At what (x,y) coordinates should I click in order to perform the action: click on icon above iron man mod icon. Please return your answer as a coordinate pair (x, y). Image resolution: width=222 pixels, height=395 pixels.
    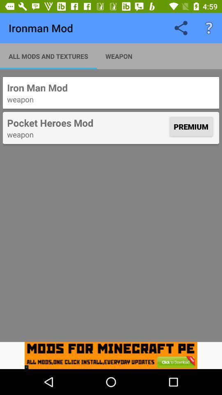
    Looking at the image, I should click on (48, 56).